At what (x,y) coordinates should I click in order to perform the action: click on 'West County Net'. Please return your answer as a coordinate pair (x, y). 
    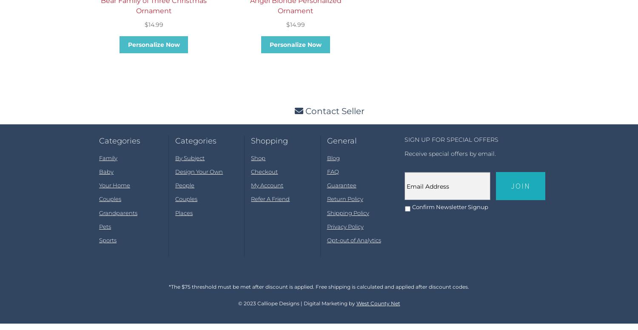
    Looking at the image, I should click on (378, 310).